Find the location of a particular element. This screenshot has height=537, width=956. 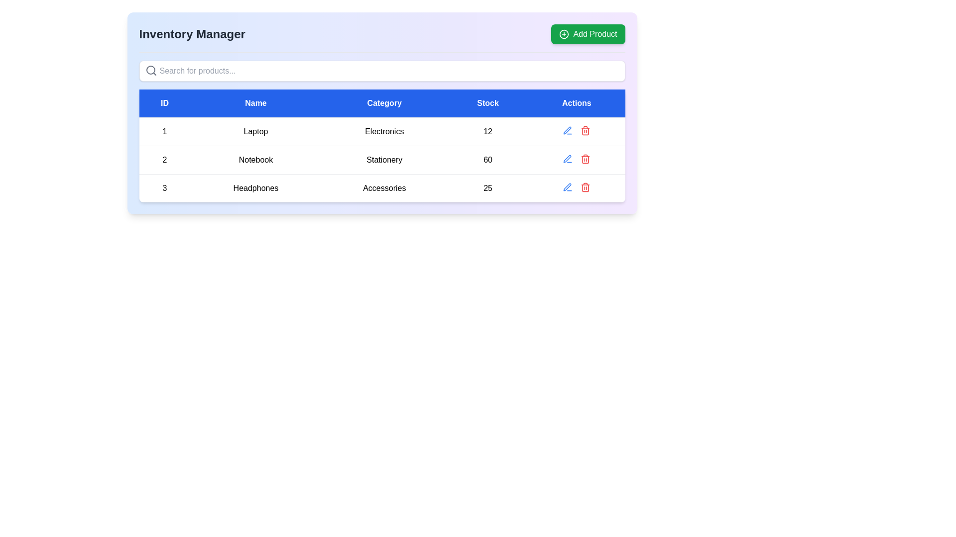

the red trash bin icon button in the 'Actions' column for the 'Laptop' product to trigger a visual state change is located at coordinates (586, 130).